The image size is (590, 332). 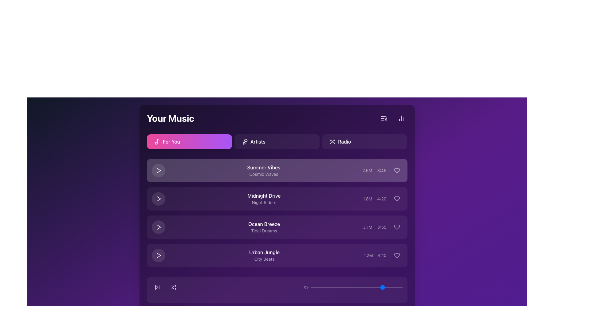 What do you see at coordinates (364, 142) in the screenshot?
I see `the 'Radio' button with a dark purple background and a light hover effect, located in the upper-right corner of the navigation bar` at bounding box center [364, 142].